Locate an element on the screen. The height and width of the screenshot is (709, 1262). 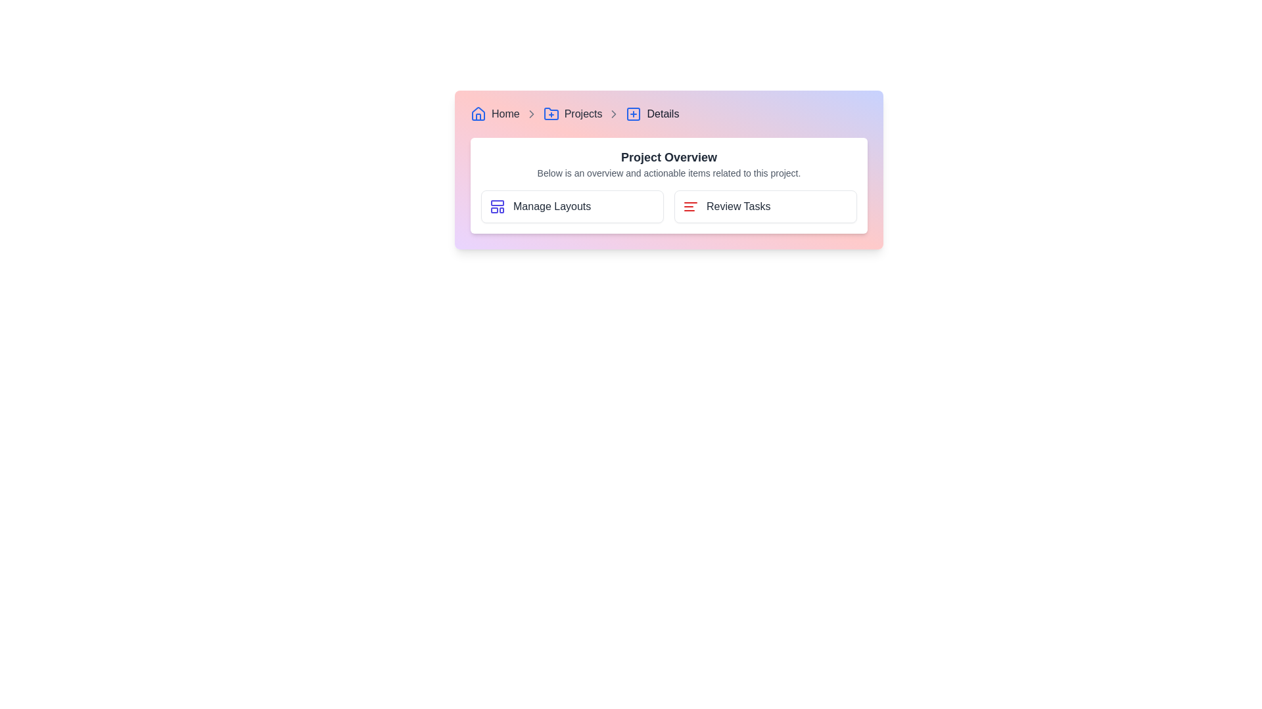
the static text that provides a brief descriptive summary of the content and actions related to the project overview, located below the 'Project Overview' title and above the 'Manage Layouts' and 'Review Tasks' buttons is located at coordinates (668, 172).